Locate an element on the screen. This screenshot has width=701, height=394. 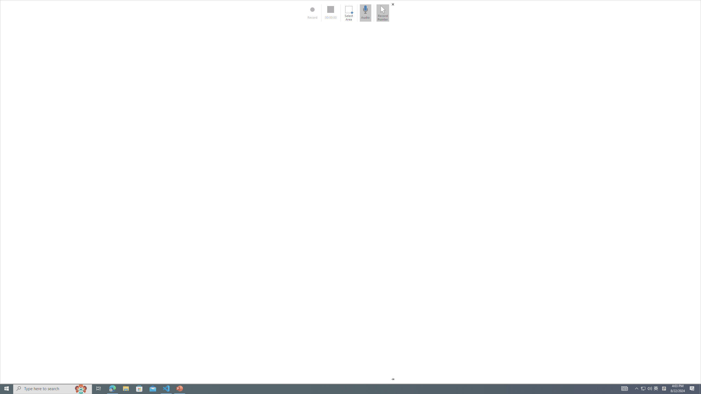
'Close (Windows logo key+Shift+Q)' is located at coordinates (393, 4).